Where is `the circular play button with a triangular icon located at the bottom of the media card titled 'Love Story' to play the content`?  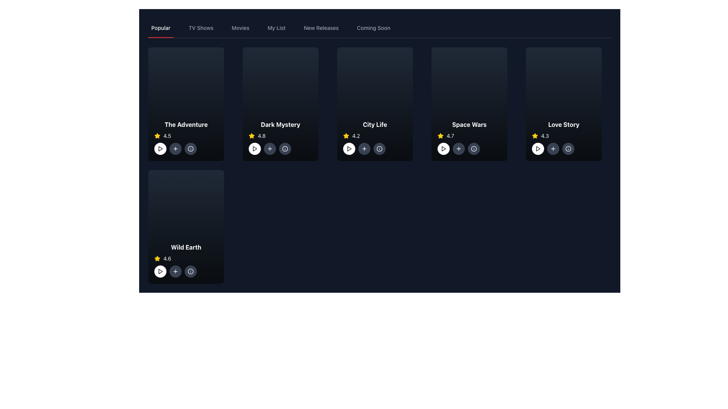
the circular play button with a triangular icon located at the bottom of the media card titled 'Love Story' to play the content is located at coordinates (538, 149).